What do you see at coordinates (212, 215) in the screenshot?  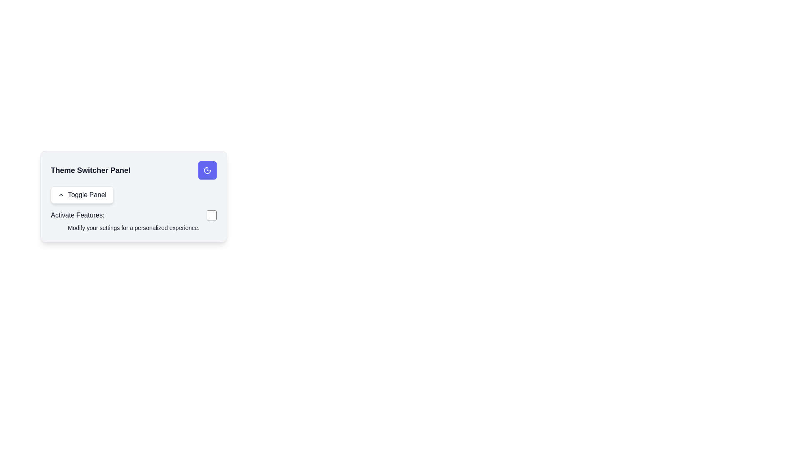 I see `the checkbox to the right of the label 'Activate Features:' in the 'Theme Switcher Panel'` at bounding box center [212, 215].